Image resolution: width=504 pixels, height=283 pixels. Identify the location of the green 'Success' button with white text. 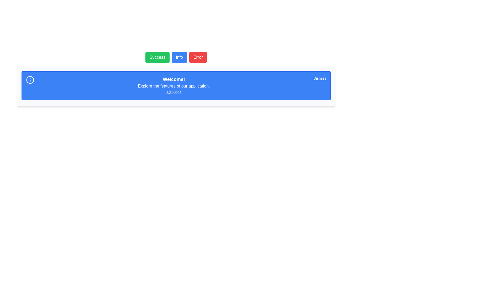
(157, 57).